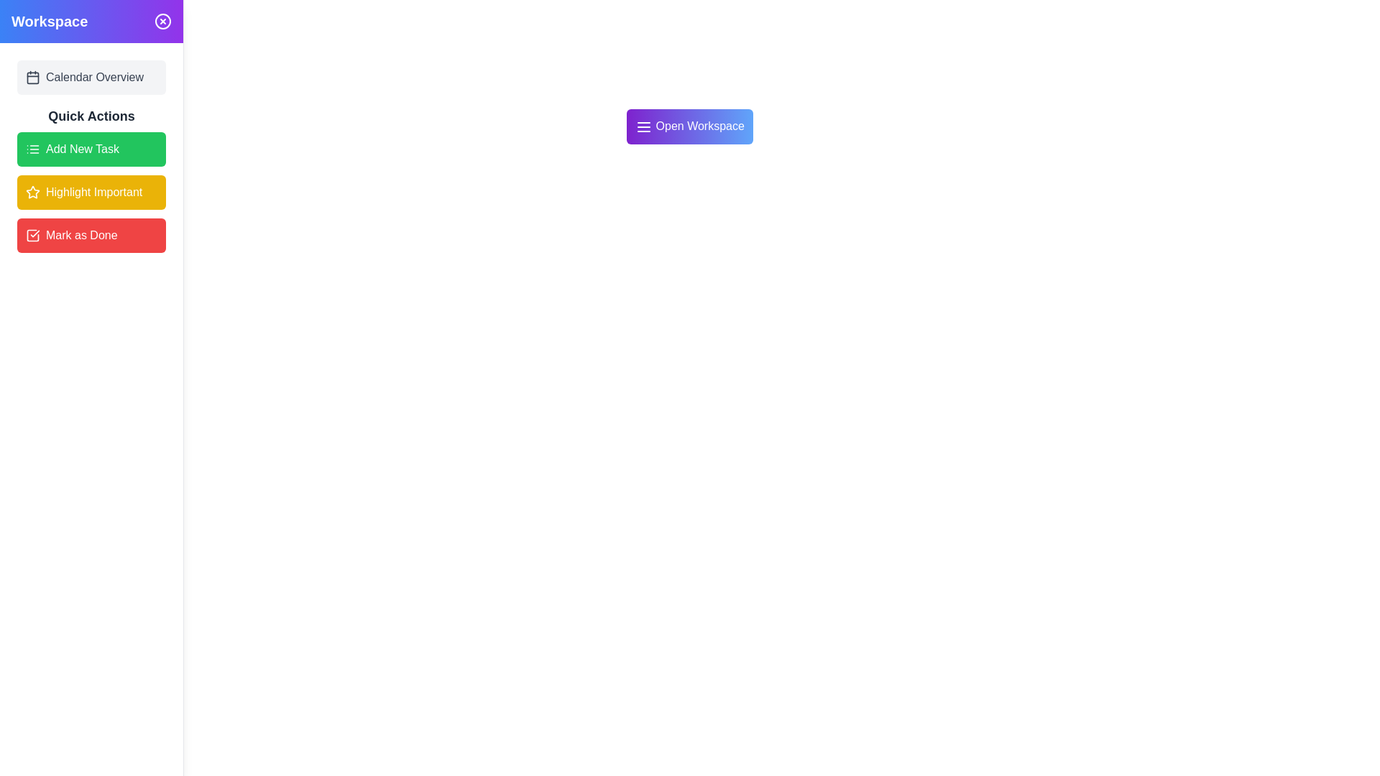  What do you see at coordinates (33, 78) in the screenshot?
I see `the calendar icon in the 'Calendar Overview' section` at bounding box center [33, 78].